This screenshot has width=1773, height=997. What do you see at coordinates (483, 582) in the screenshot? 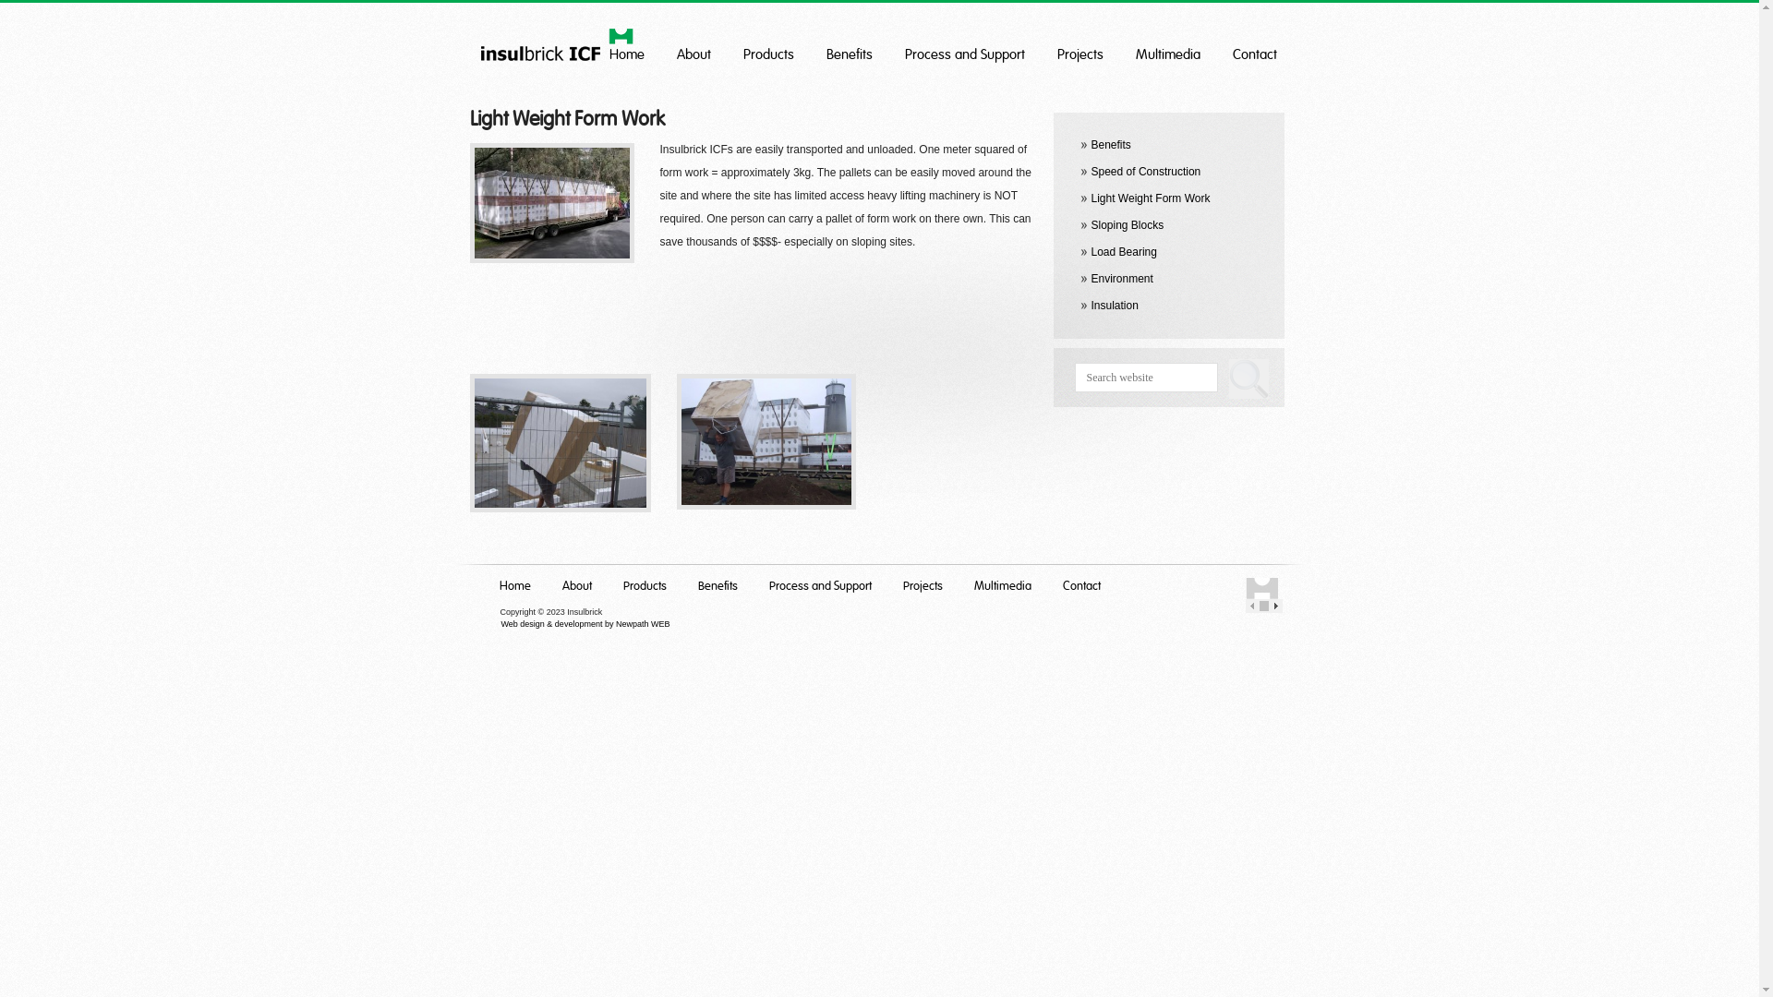
I see `'Home'` at bounding box center [483, 582].